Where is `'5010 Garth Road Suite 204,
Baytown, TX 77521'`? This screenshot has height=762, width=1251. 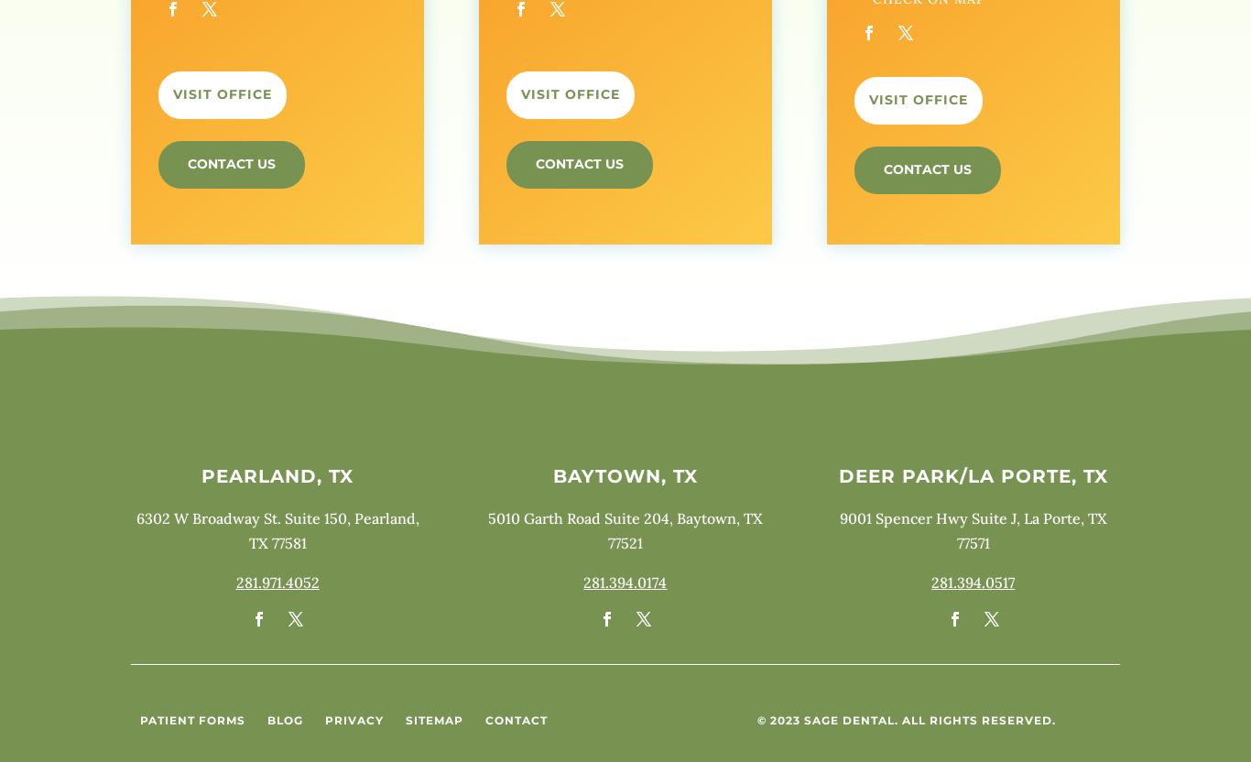 '5010 Garth Road Suite 204,
Baytown, TX 77521' is located at coordinates (624, 528).